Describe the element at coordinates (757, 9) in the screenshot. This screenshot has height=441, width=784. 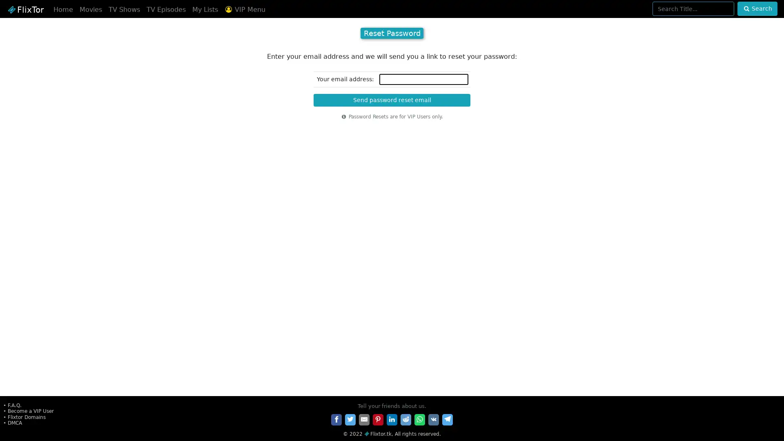
I see `Search` at that location.